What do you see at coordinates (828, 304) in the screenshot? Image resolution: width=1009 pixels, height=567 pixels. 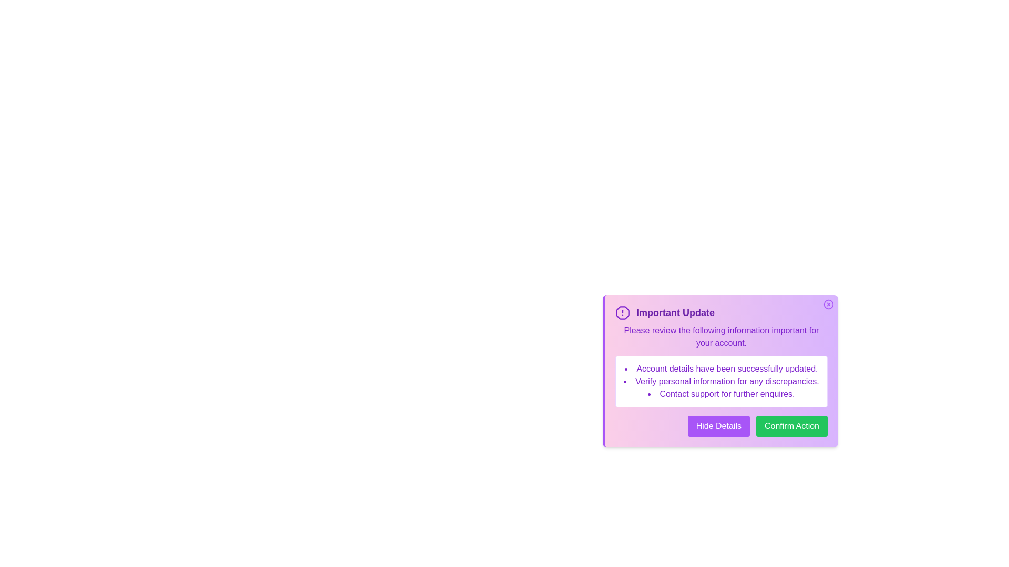 I see `the close button at the top-right corner of the alert box` at bounding box center [828, 304].